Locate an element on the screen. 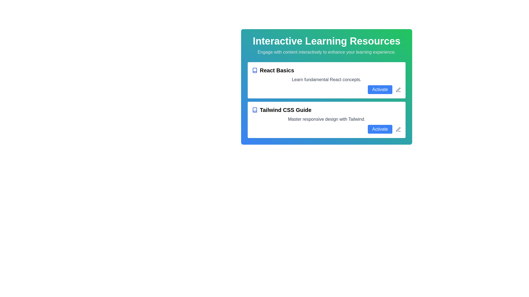  the text displaying 'Learn fundamental React concepts.' which is located below the title 'React Basics' is located at coordinates (326, 79).